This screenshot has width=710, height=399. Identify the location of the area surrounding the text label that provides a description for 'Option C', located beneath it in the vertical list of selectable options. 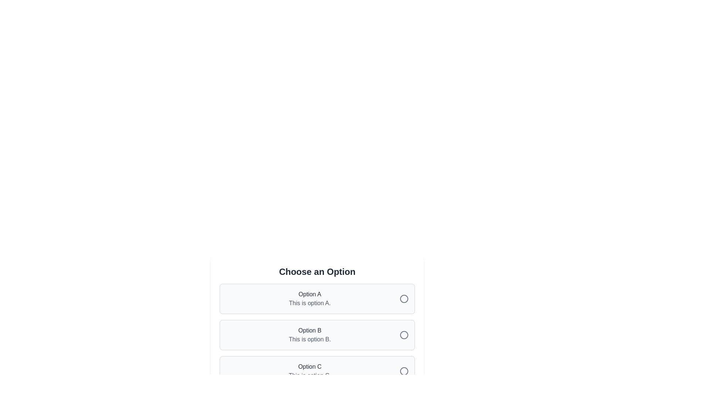
(310, 376).